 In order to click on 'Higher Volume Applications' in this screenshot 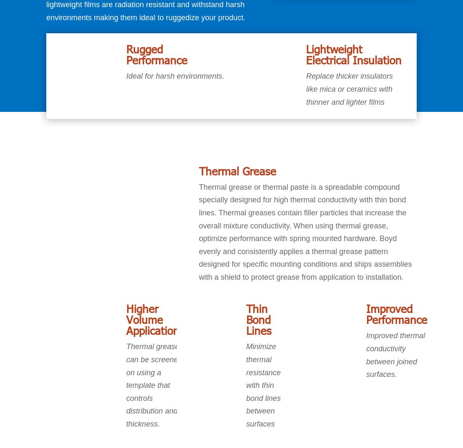, I will do `click(125, 319)`.